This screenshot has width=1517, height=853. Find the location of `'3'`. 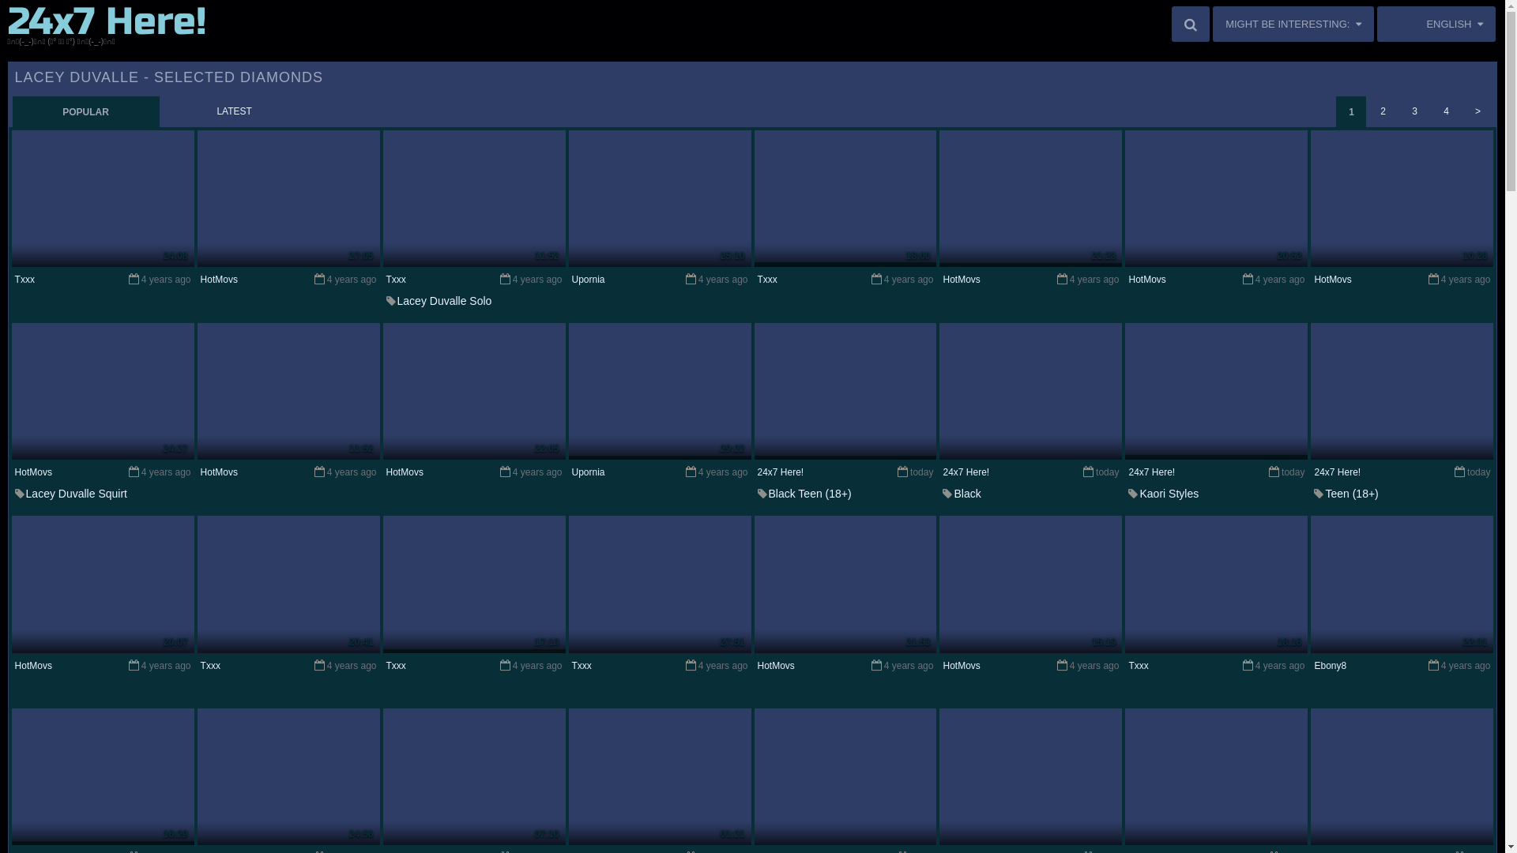

'3' is located at coordinates (1414, 111).